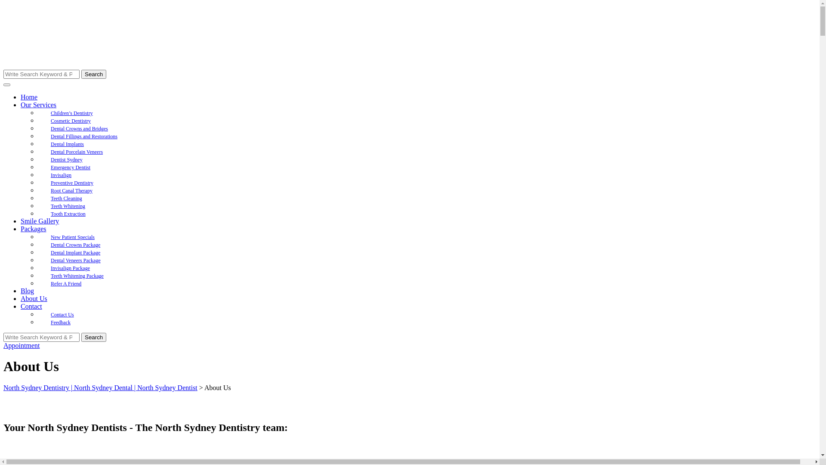 The height and width of the screenshot is (465, 826). I want to click on 'Teeth Whitening', so click(68, 206).